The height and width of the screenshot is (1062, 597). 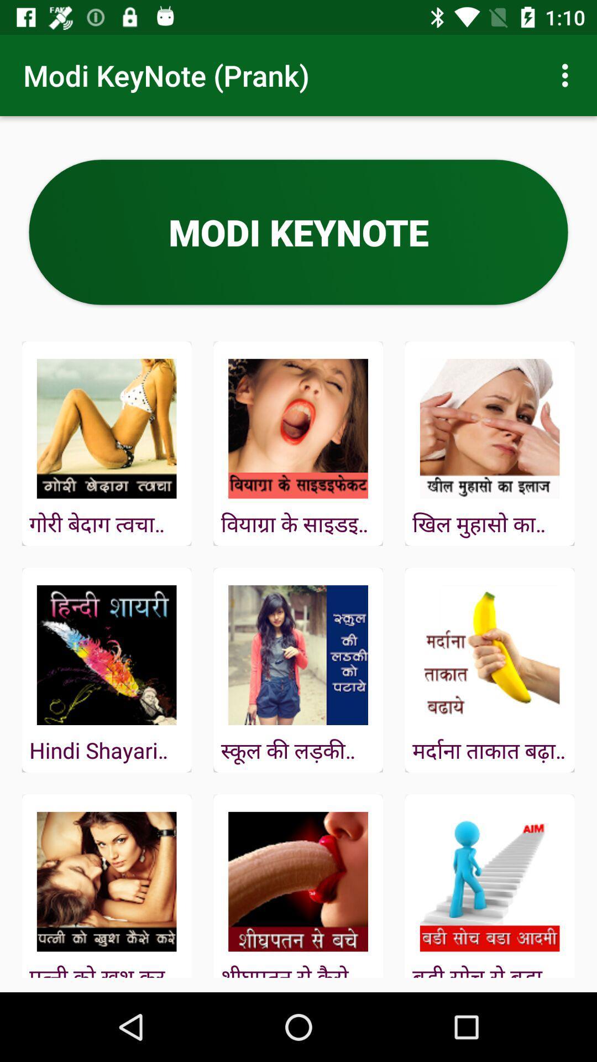 I want to click on the item to the right of modi keynote (prank) app, so click(x=568, y=75).